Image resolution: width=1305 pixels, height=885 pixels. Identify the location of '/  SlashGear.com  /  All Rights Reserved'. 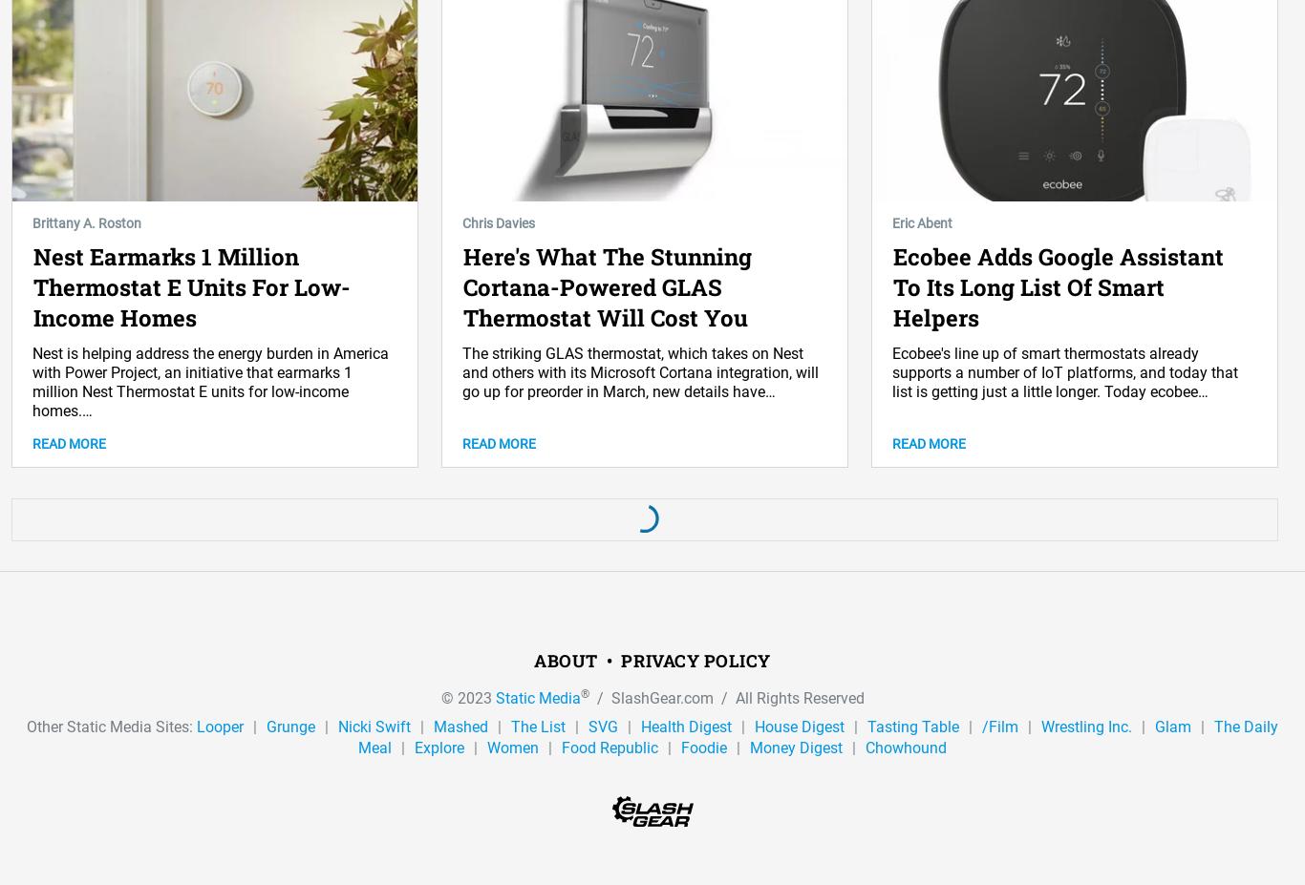
(726, 696).